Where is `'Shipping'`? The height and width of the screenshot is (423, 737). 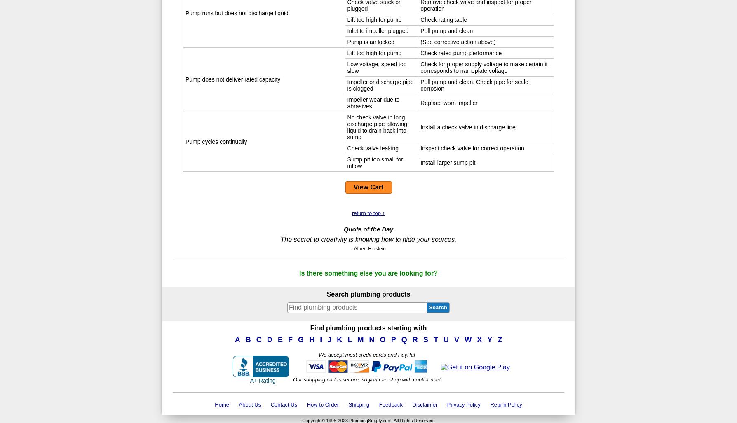 'Shipping' is located at coordinates (358, 404).